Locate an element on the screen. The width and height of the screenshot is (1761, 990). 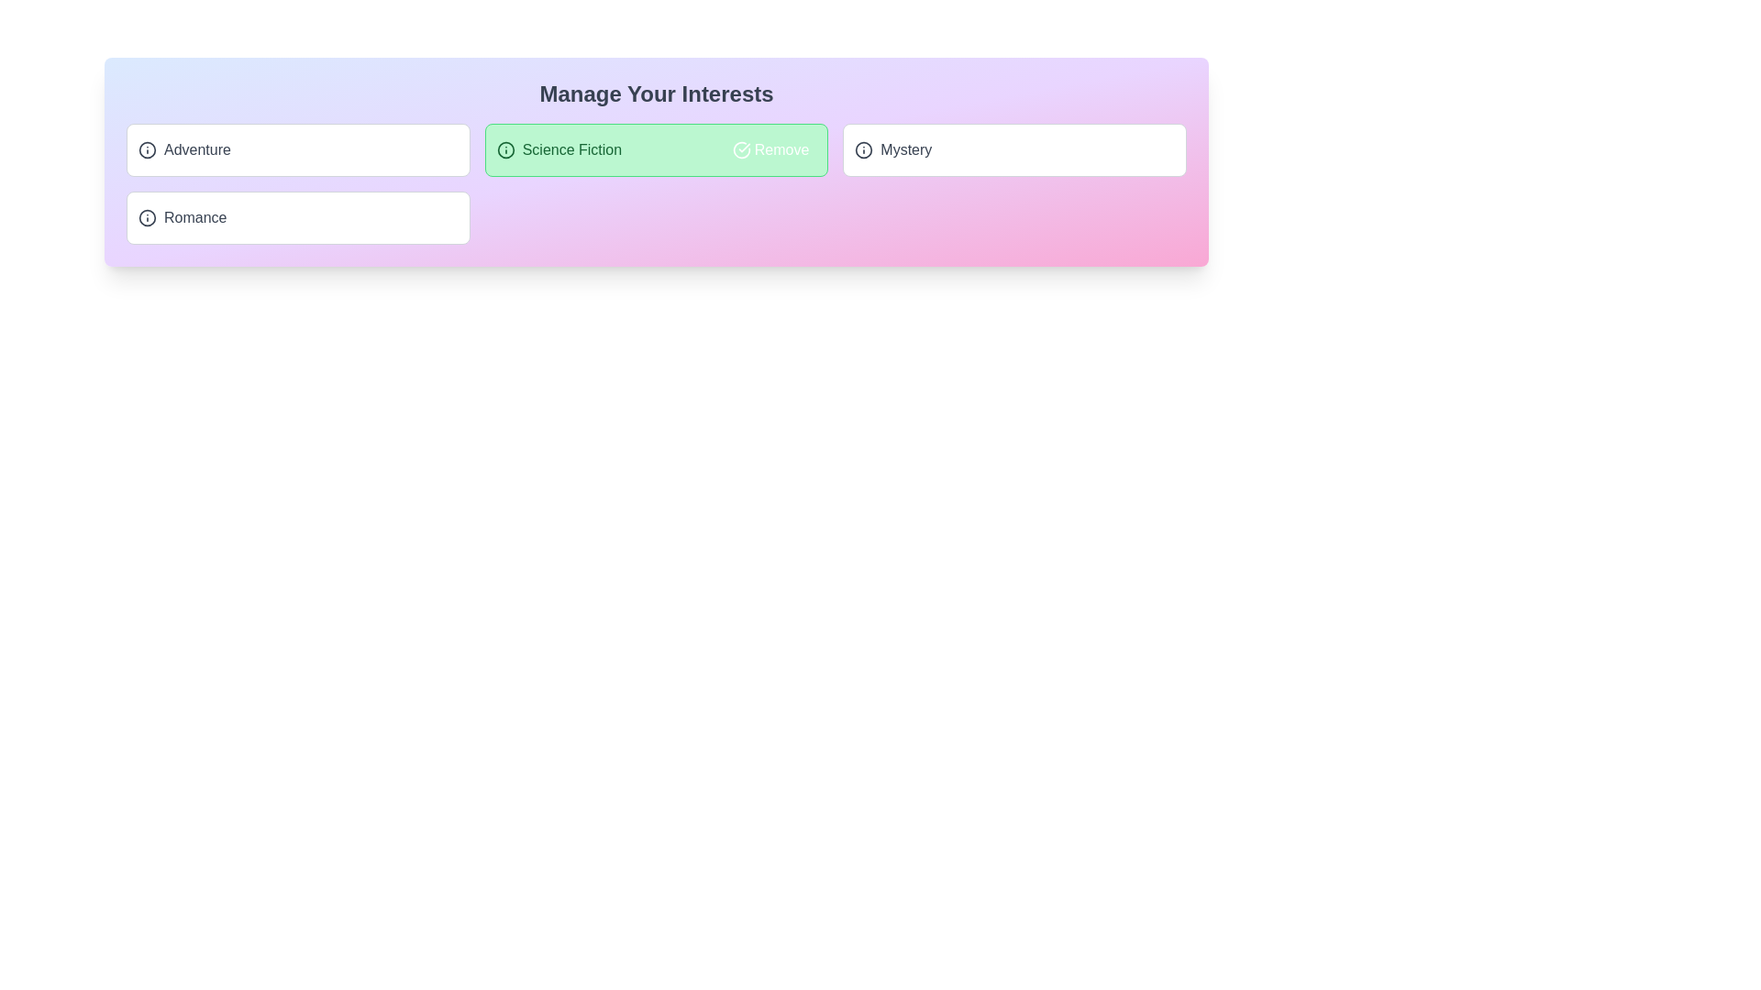
the tag Adventure by clicking on it is located at coordinates (298, 149).